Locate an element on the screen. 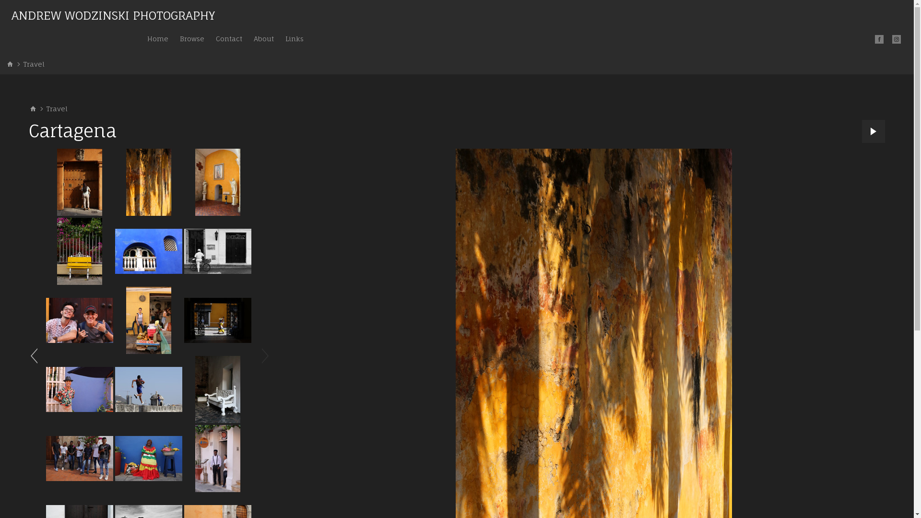 This screenshot has width=921, height=518. 'Home' is located at coordinates (158, 38).